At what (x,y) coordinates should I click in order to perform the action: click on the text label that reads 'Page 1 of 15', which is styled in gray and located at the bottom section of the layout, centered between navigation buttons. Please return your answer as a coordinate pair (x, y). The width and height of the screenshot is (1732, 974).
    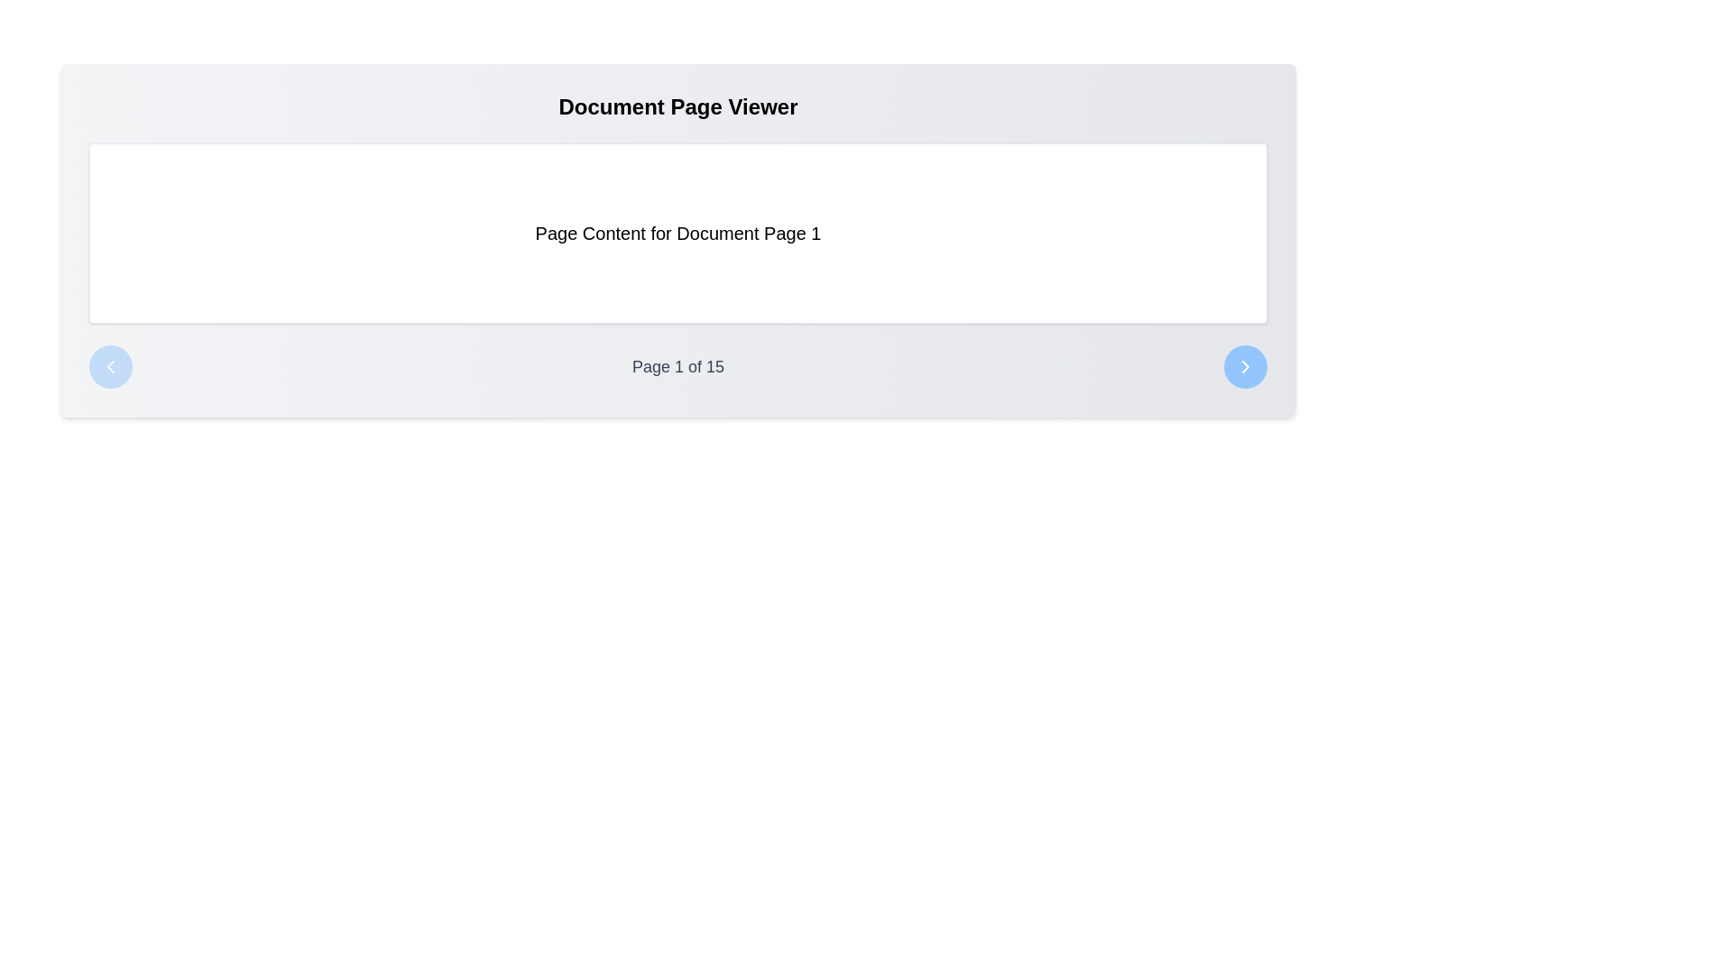
    Looking at the image, I should click on (677, 366).